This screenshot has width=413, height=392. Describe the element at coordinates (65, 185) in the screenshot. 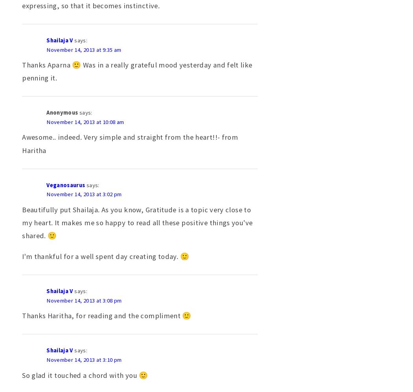

I see `'Veganosaurus'` at that location.